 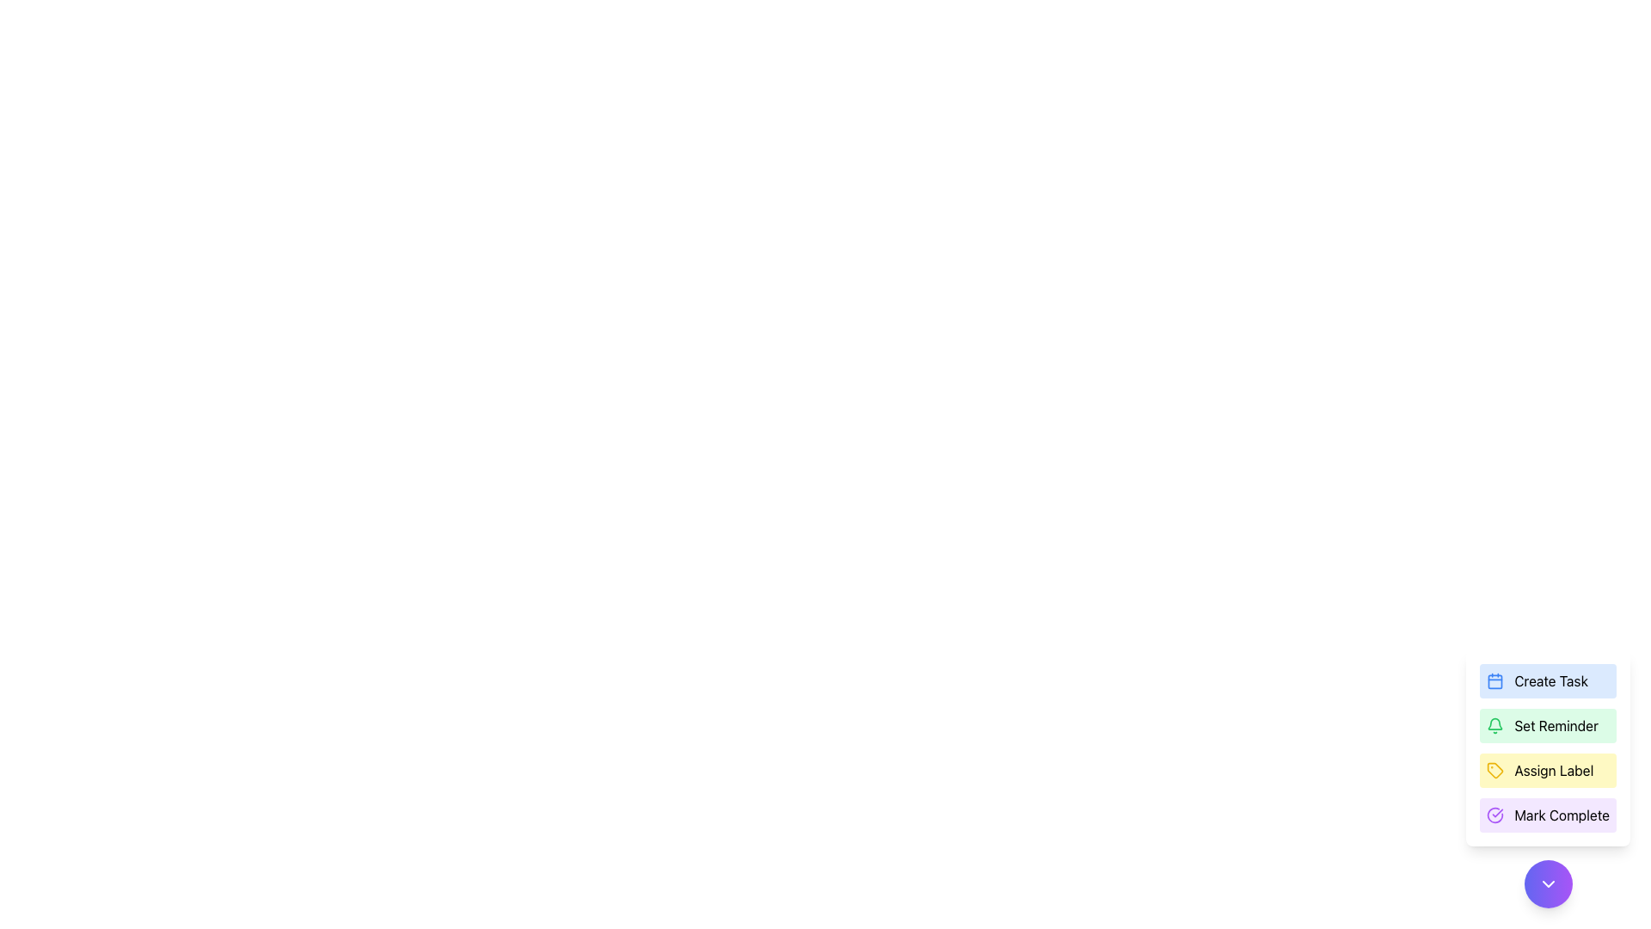 What do you see at coordinates (1548, 726) in the screenshot?
I see `the 'Set Reminder' button, which is a light green rectangular button with a bell icon and the text 'Set Reminder' in black, located beneath the 'Create Task' button` at bounding box center [1548, 726].